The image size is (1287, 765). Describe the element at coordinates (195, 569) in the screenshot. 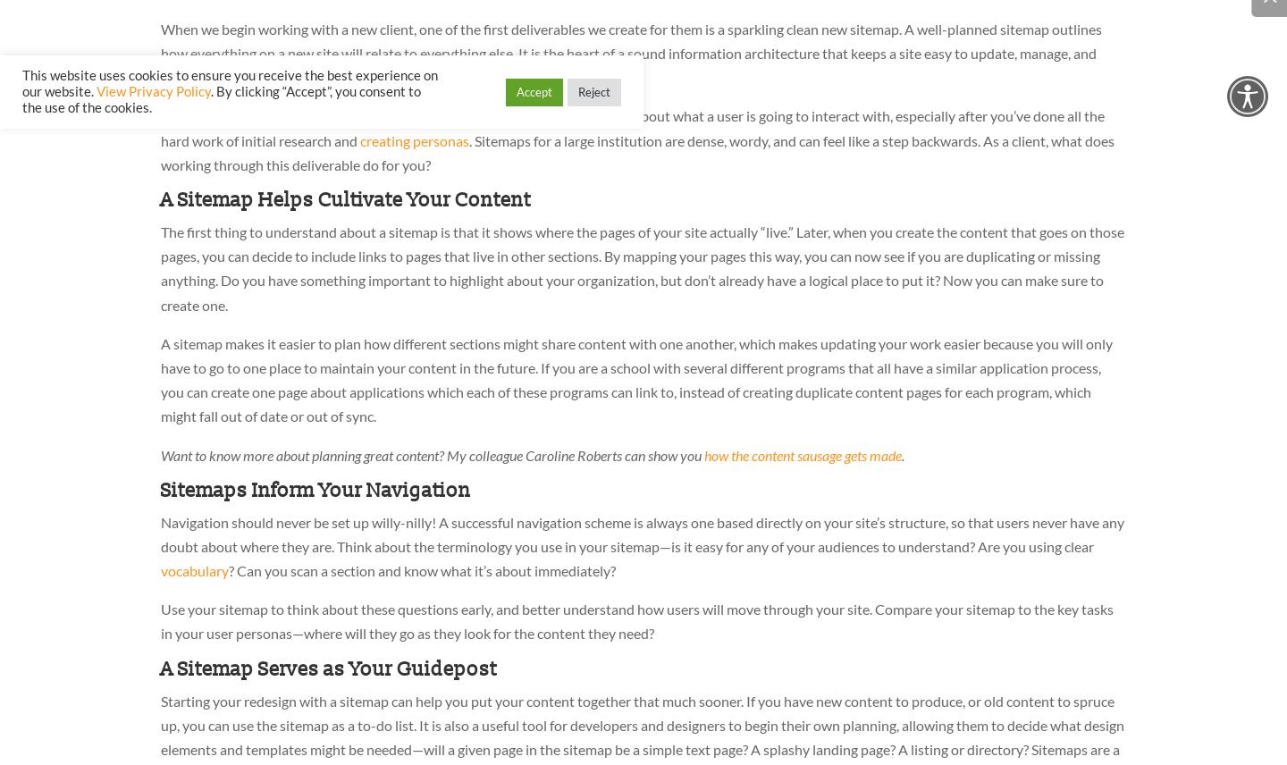

I see `'vocabulary'` at that location.